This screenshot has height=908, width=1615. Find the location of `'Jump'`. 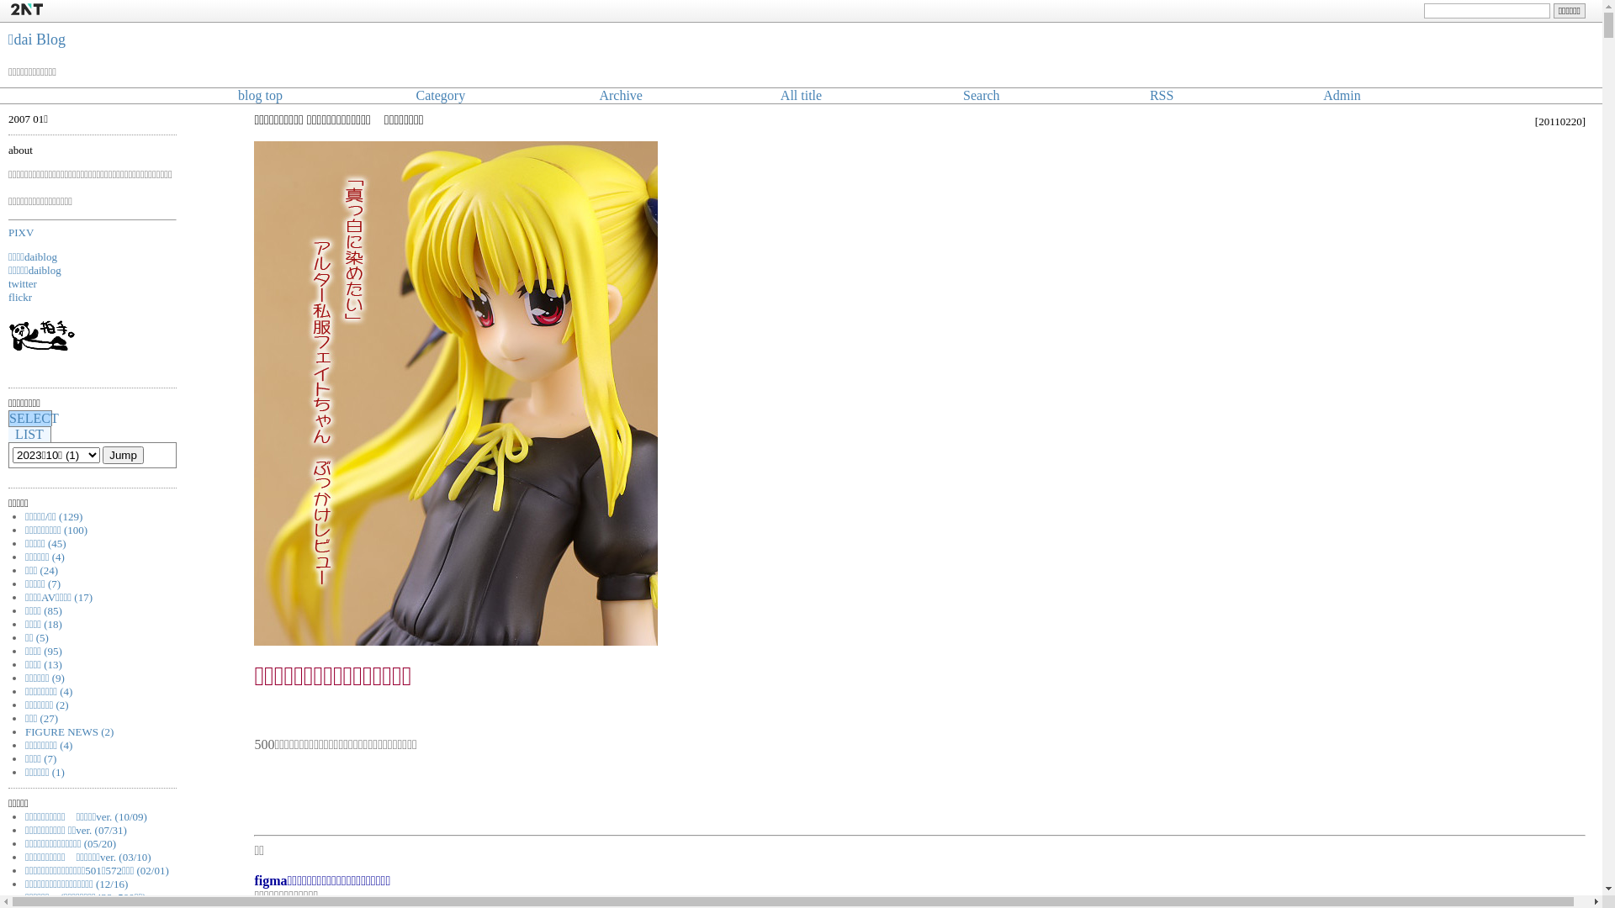

'Jump' is located at coordinates (122, 455).